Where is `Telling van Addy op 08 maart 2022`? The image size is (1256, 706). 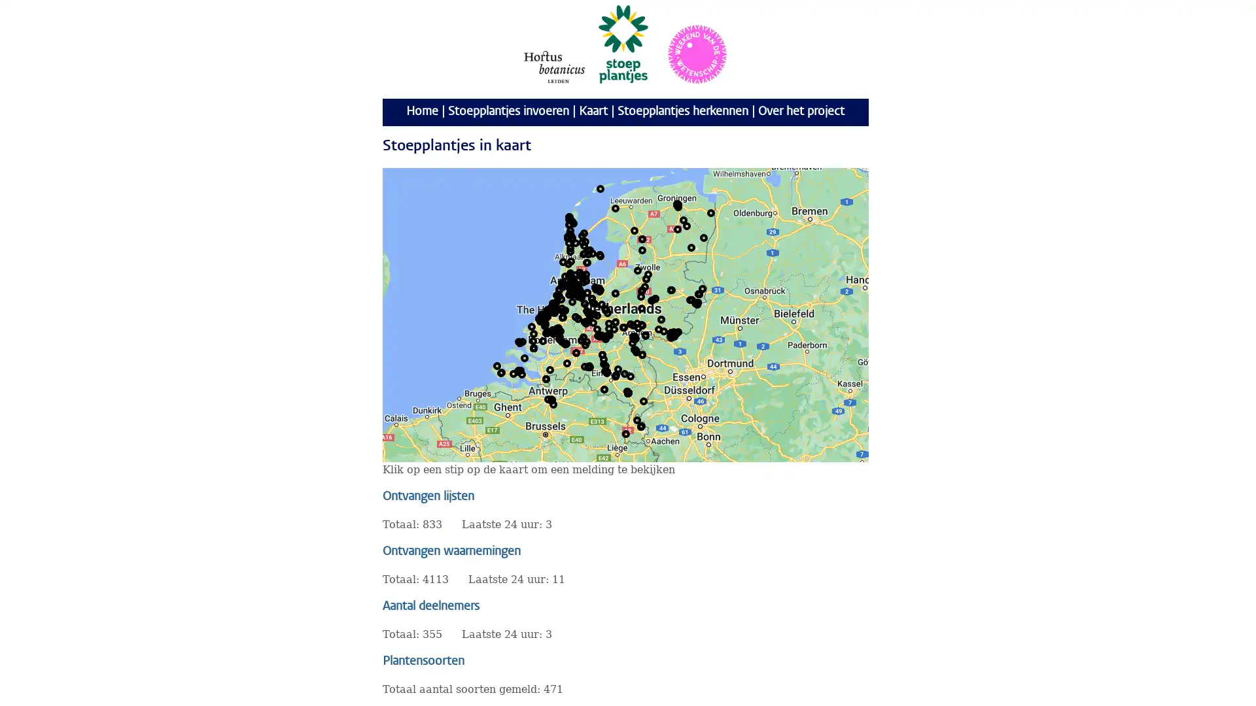
Telling van Addy op 08 maart 2022 is located at coordinates (574, 277).